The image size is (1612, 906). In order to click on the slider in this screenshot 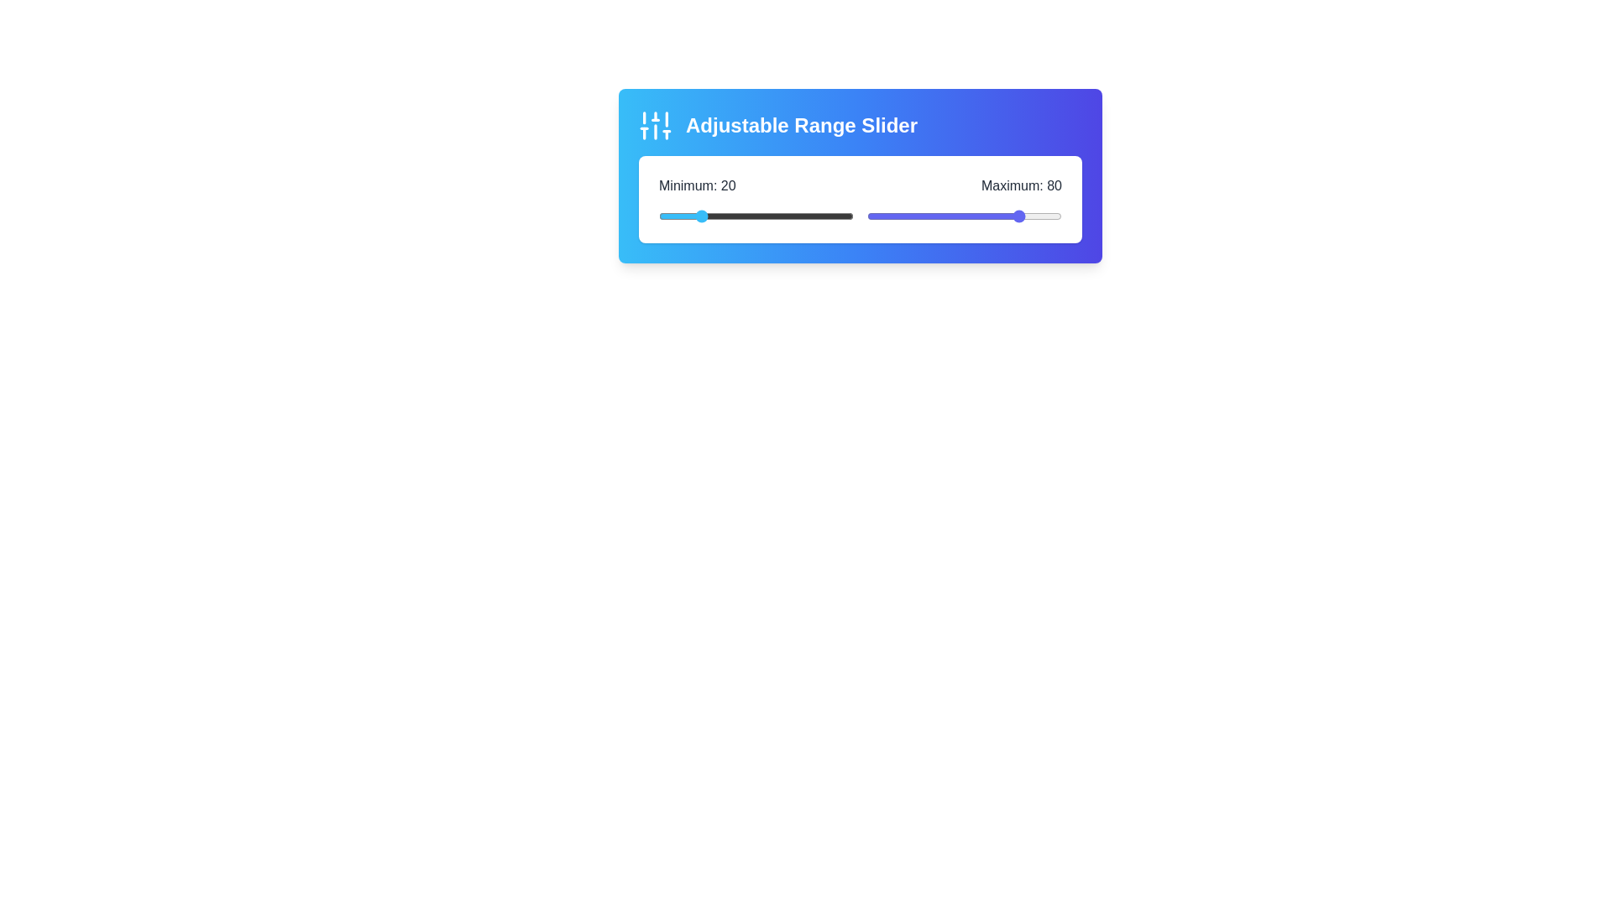, I will do `click(1016, 216)`.